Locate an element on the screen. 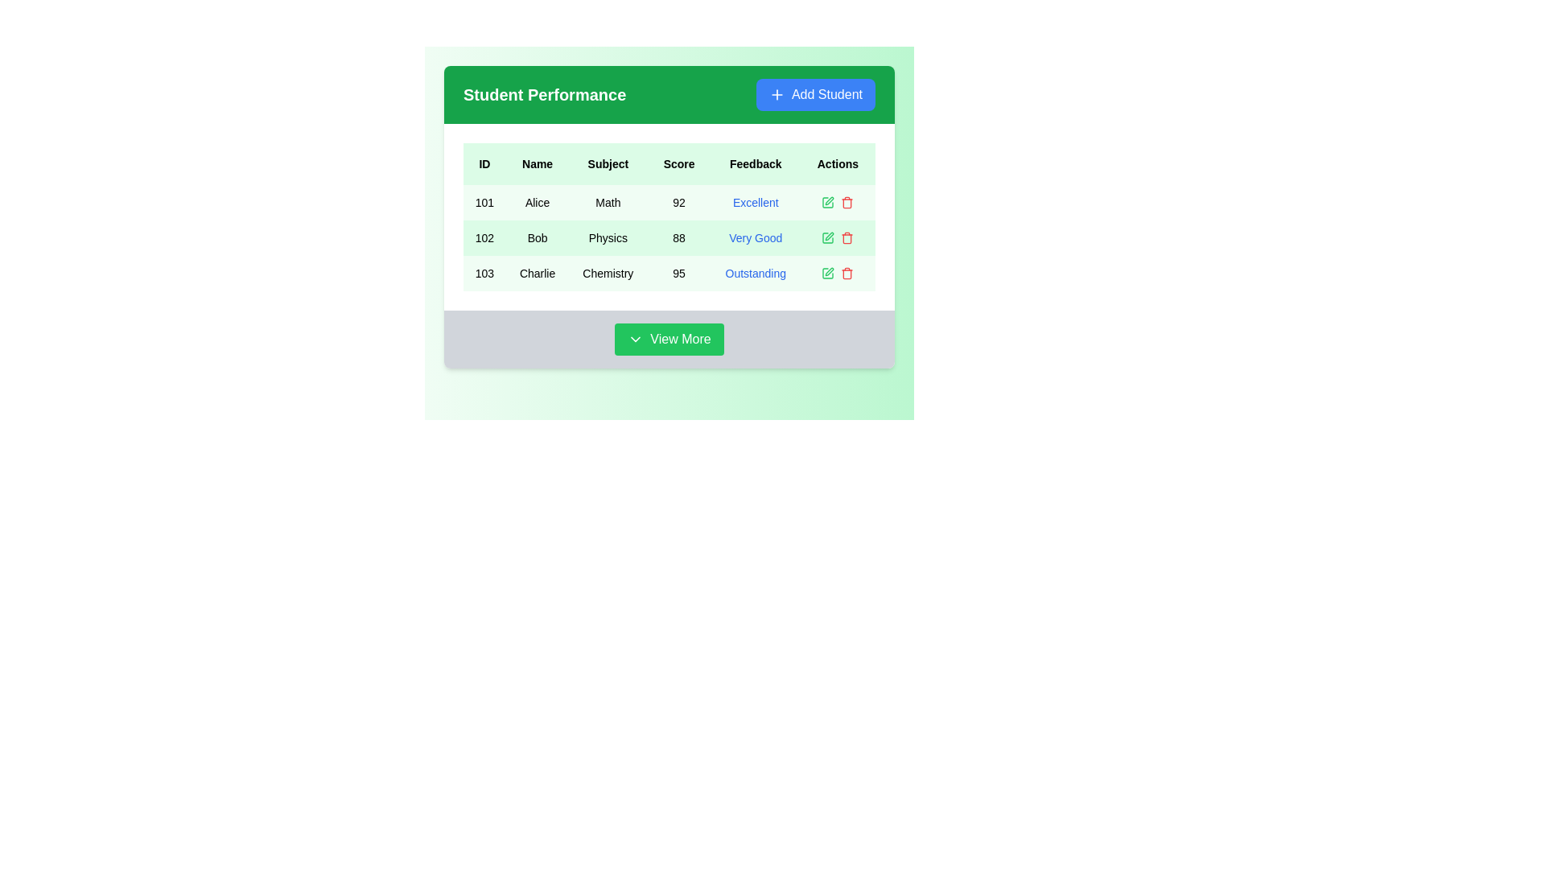 The width and height of the screenshot is (1545, 869). the chevron icon within the 'View More' button, which indicates that additional content may be revealed or a dropdown menu may open is located at coordinates (635, 338).